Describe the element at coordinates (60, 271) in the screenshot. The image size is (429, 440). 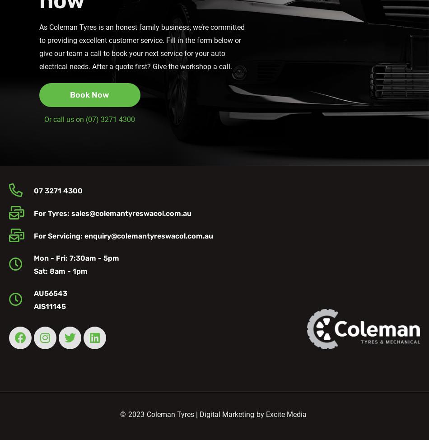
I see `'Sat: 8am - 1pm'` at that location.